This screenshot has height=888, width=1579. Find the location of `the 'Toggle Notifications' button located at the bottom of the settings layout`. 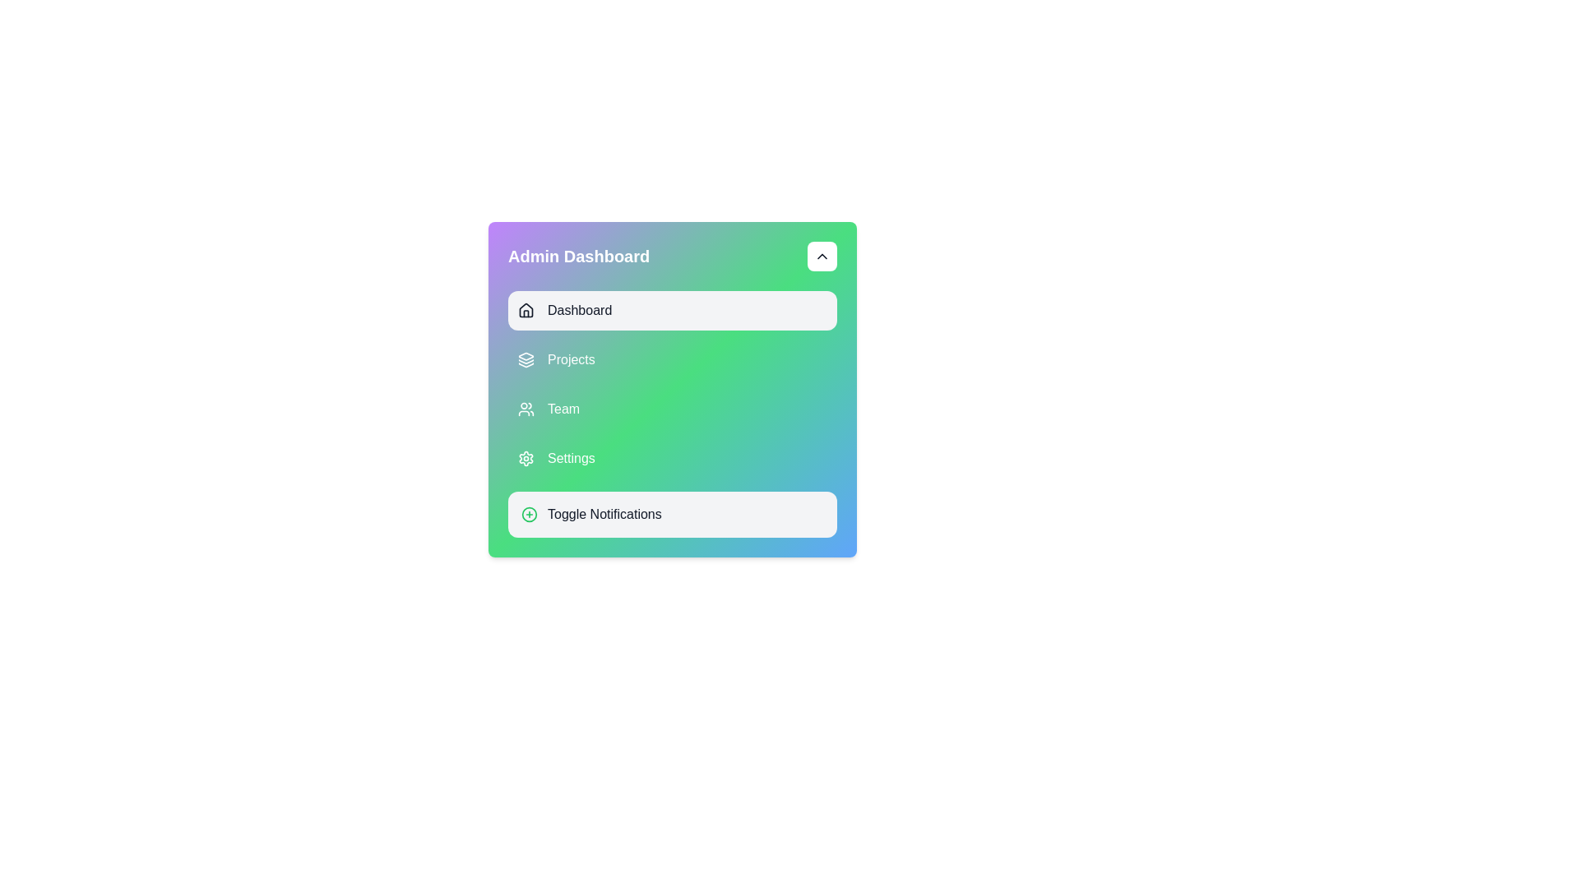

the 'Toggle Notifications' button located at the bottom of the settings layout is located at coordinates (672, 513).